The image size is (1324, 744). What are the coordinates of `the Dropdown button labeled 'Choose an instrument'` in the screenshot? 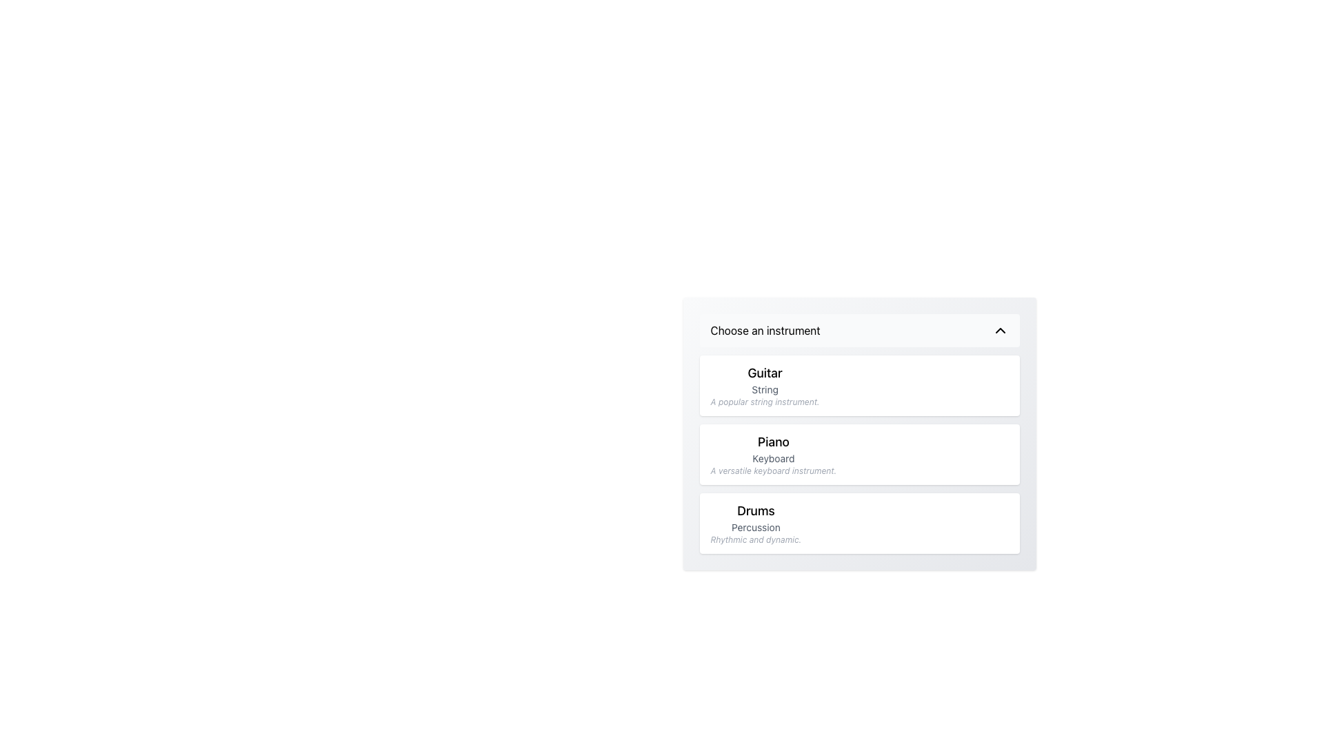 It's located at (859, 330).